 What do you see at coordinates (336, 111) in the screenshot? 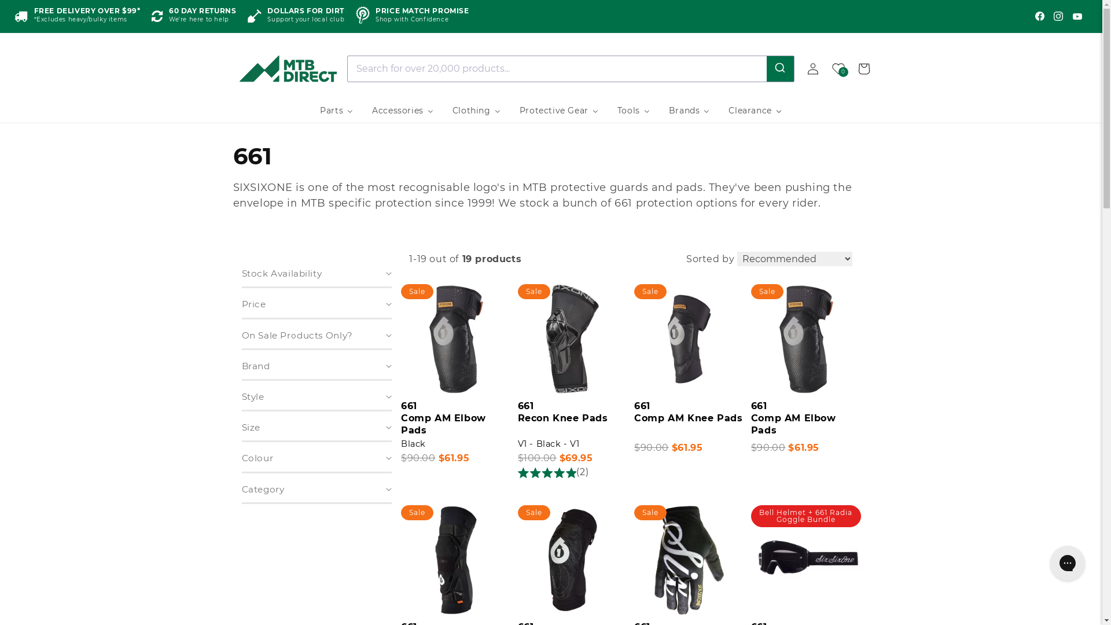
I see `'Parts'` at bounding box center [336, 111].